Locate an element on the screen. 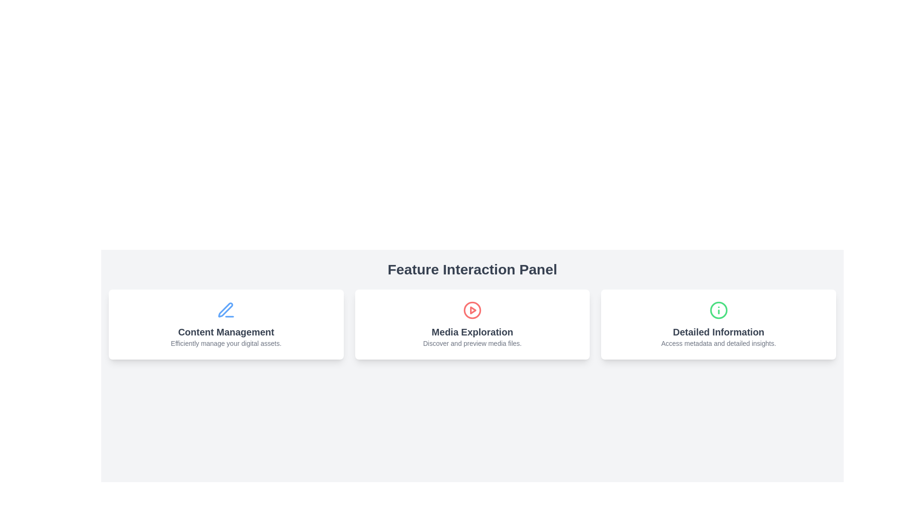 The height and width of the screenshot is (511, 908). the circular green-outlined icon with an 'i' symbol is located at coordinates (718, 310).